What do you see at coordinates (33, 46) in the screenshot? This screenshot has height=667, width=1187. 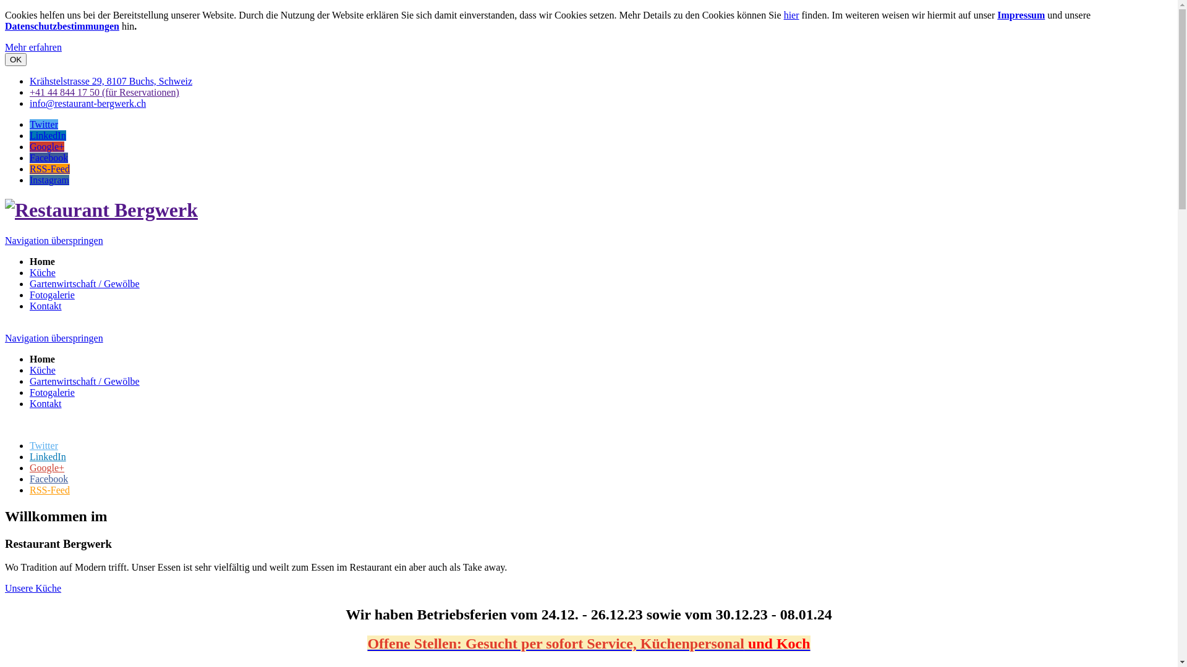 I see `'Mehr erfahren'` at bounding box center [33, 46].